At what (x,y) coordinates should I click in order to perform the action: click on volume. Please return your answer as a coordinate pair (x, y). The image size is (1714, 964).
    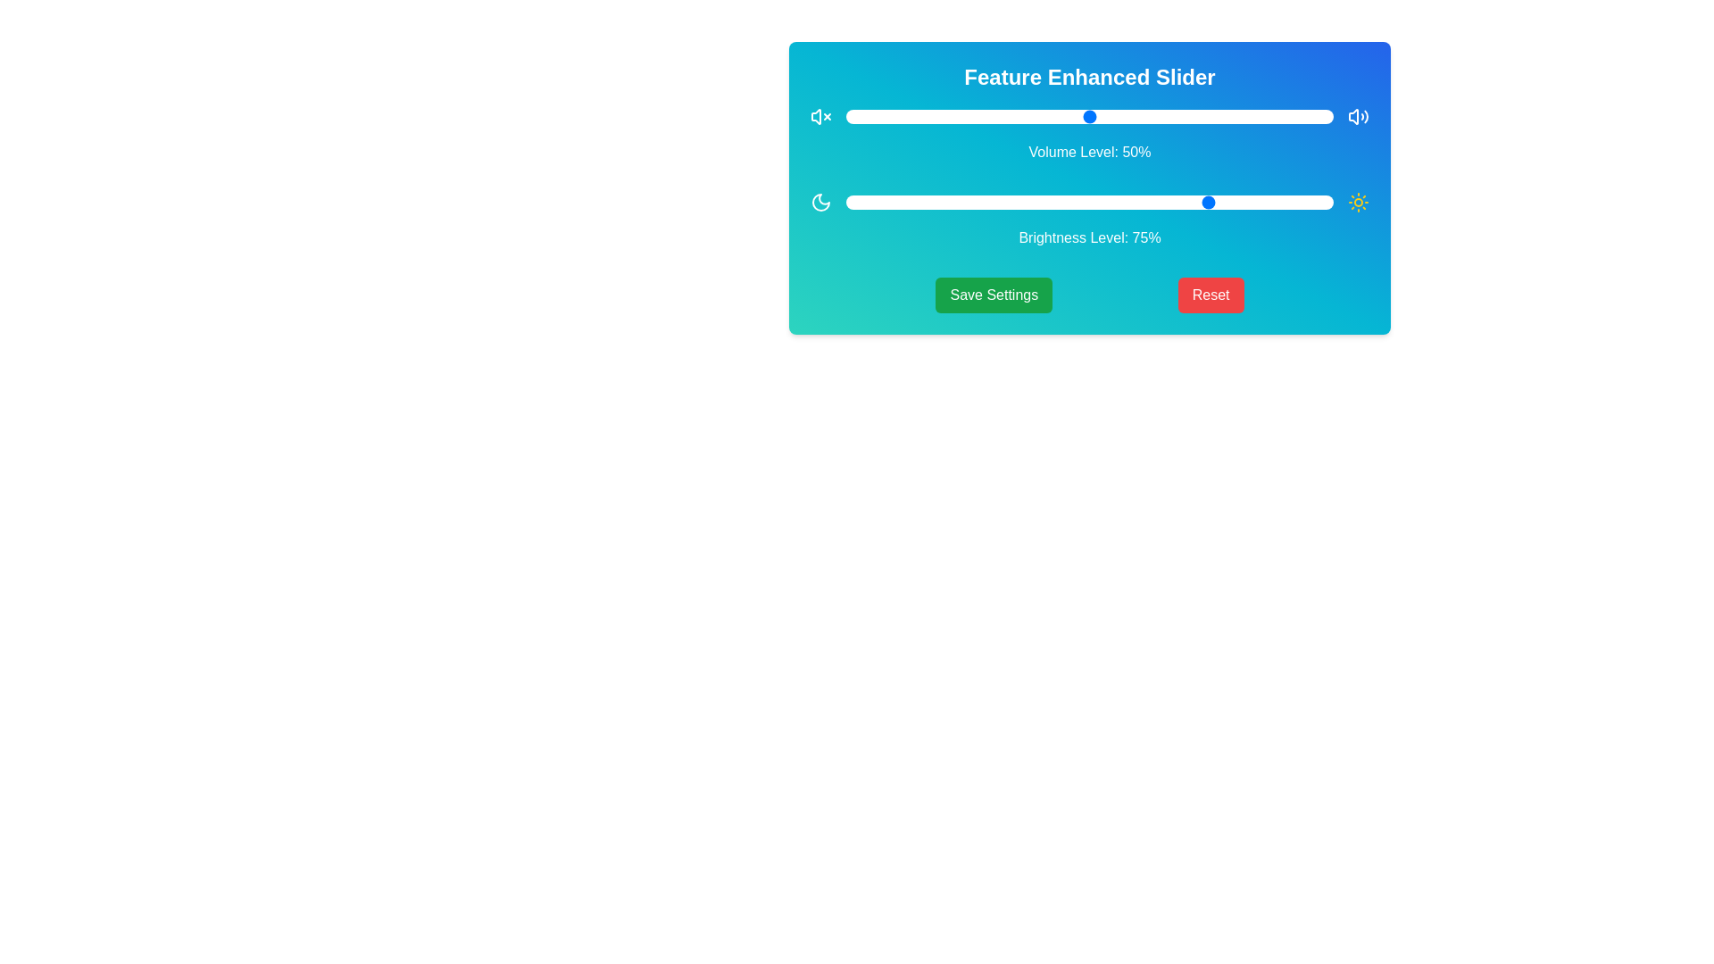
    Looking at the image, I should click on (900, 117).